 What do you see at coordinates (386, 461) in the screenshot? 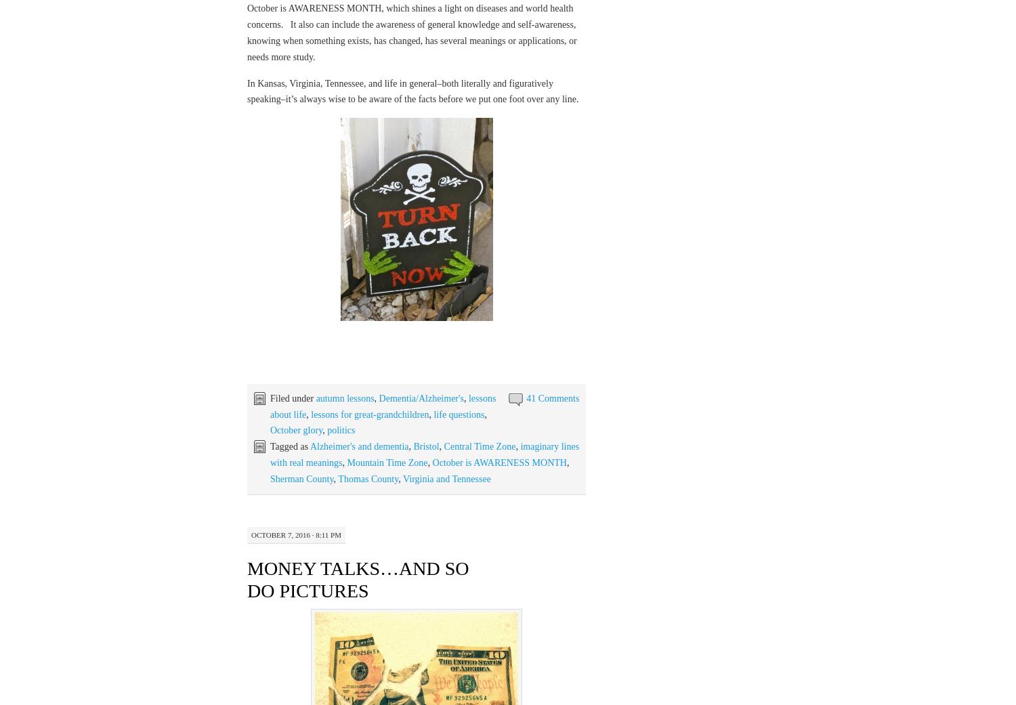
I see `'Mountain Time Zone'` at bounding box center [386, 461].